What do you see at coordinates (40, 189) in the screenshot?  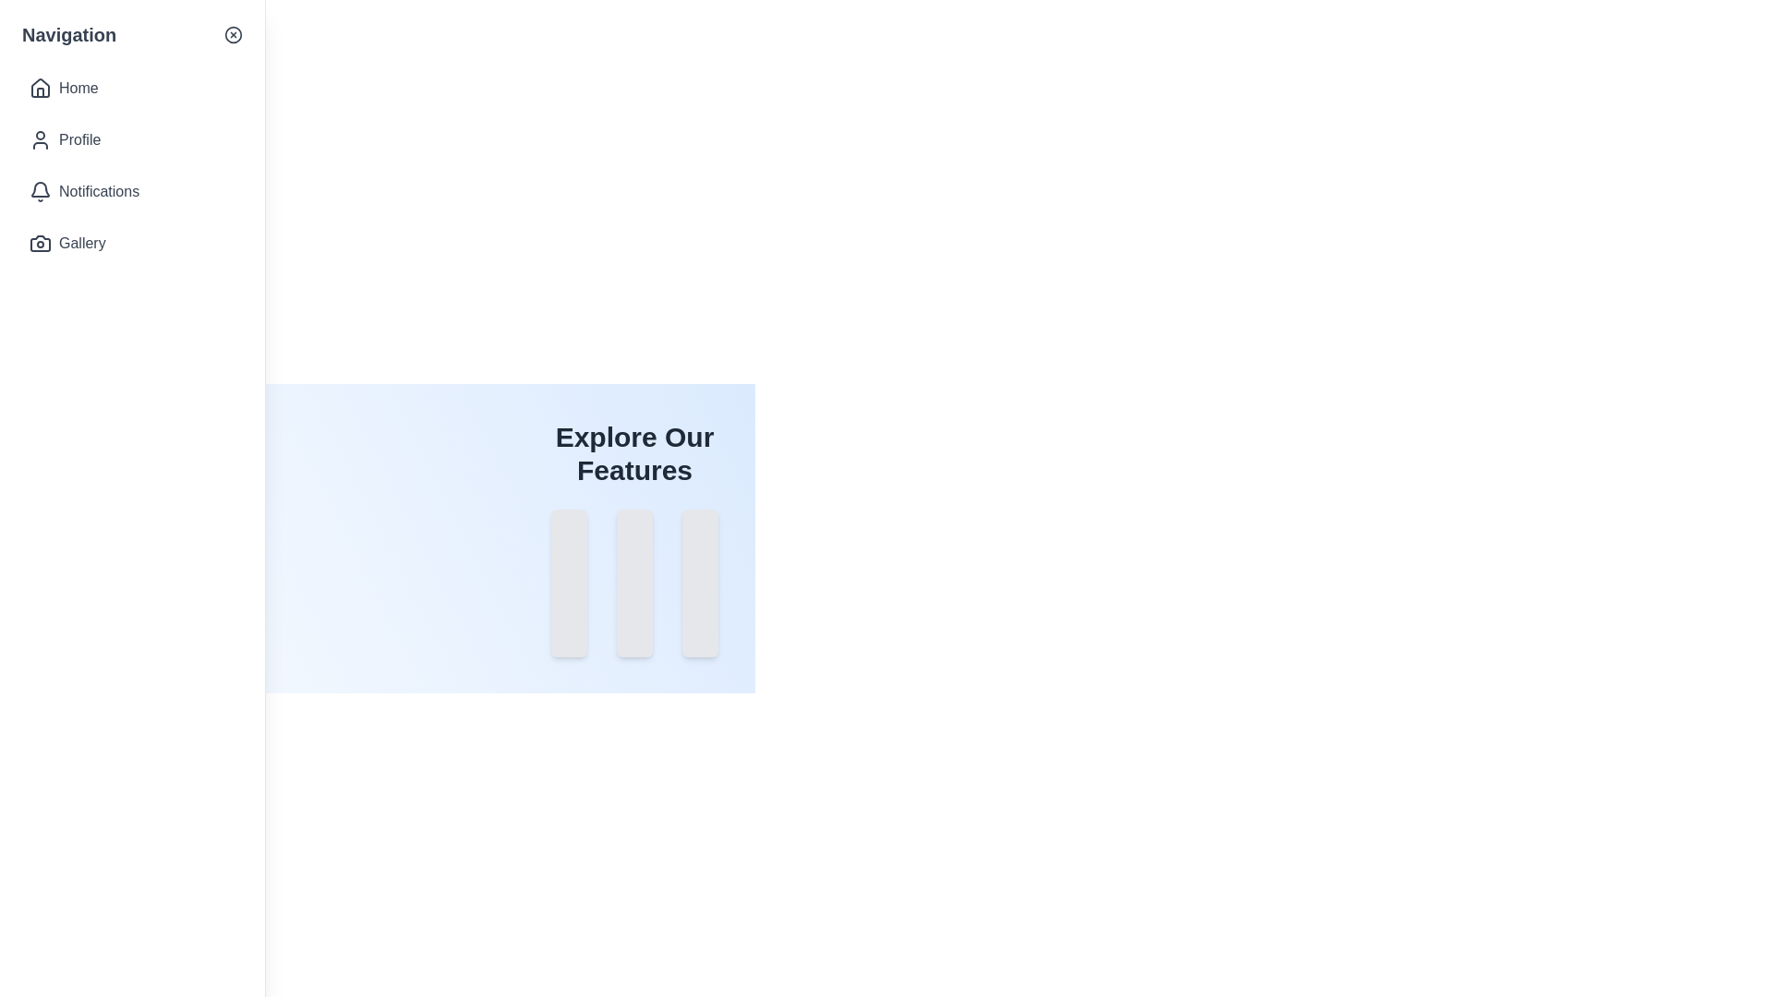 I see `the bell-shaped vector graphic icon representing notifications in the sidebar navigation menu, located just above the 'Notifications' text` at bounding box center [40, 189].